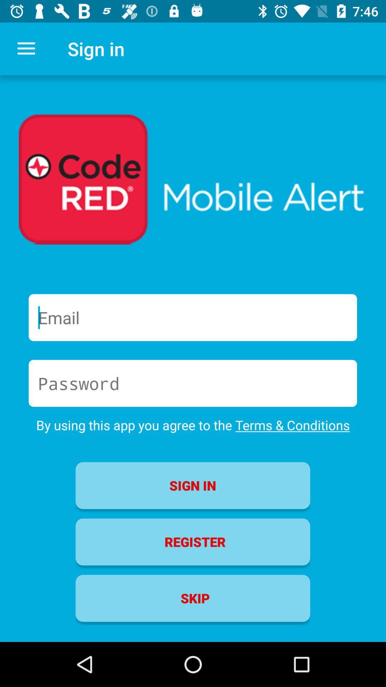 The width and height of the screenshot is (386, 687). Describe the element at coordinates (192, 383) in the screenshot. I see `the item above the by using this icon` at that location.